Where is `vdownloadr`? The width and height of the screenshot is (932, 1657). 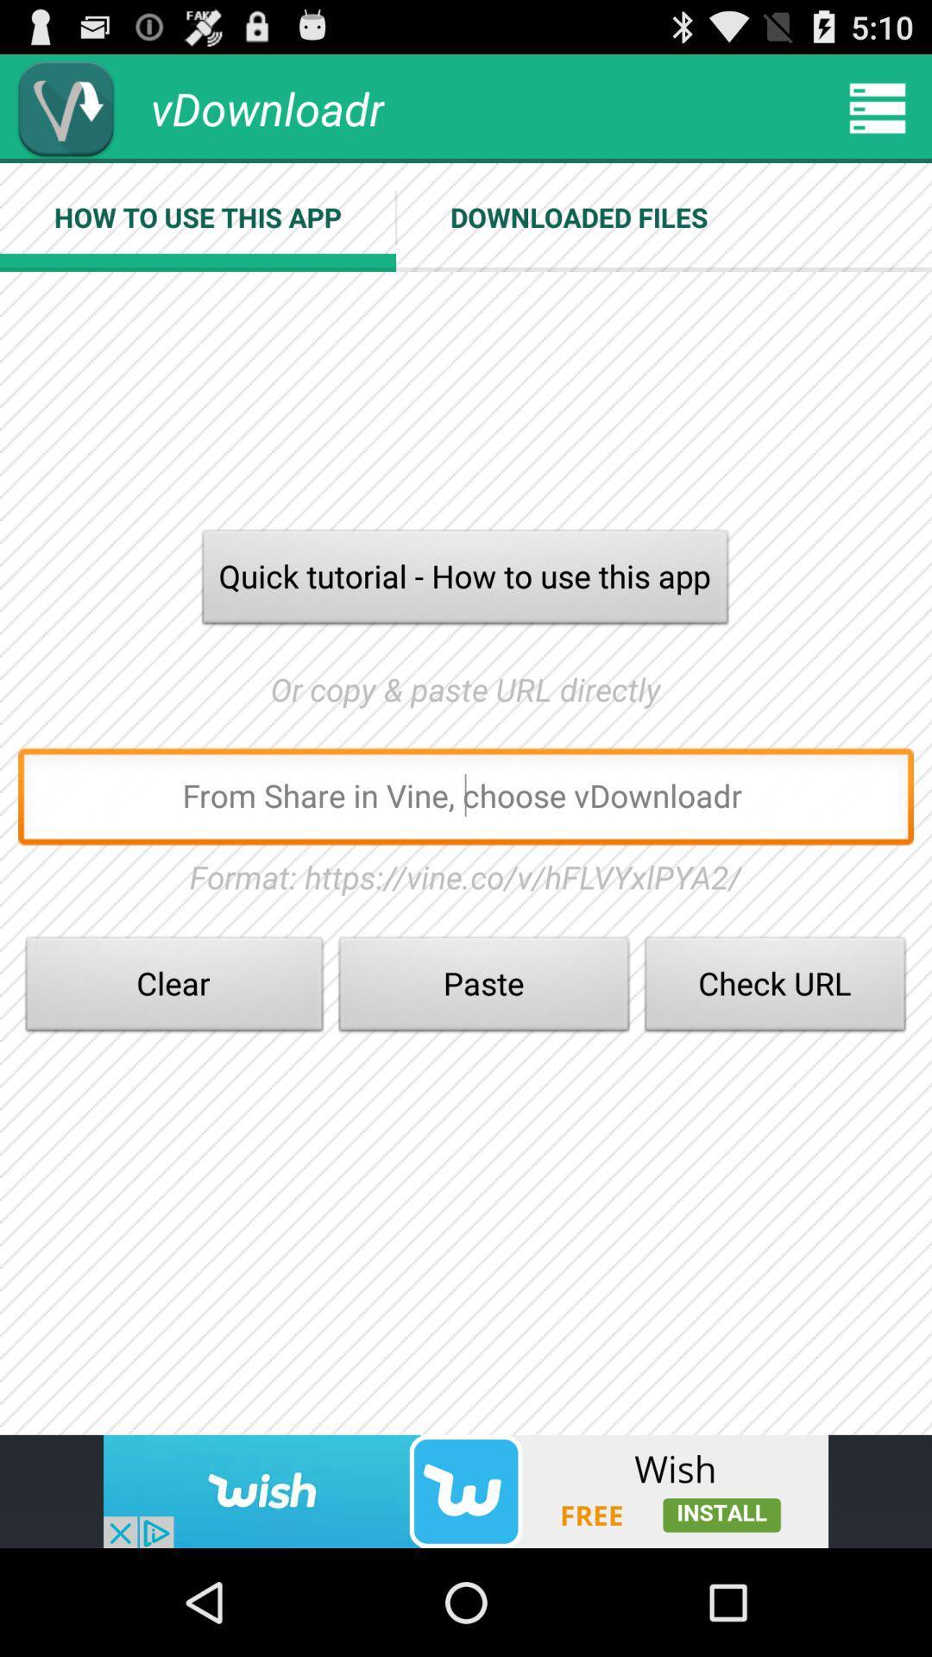
vdownloadr is located at coordinates (65, 107).